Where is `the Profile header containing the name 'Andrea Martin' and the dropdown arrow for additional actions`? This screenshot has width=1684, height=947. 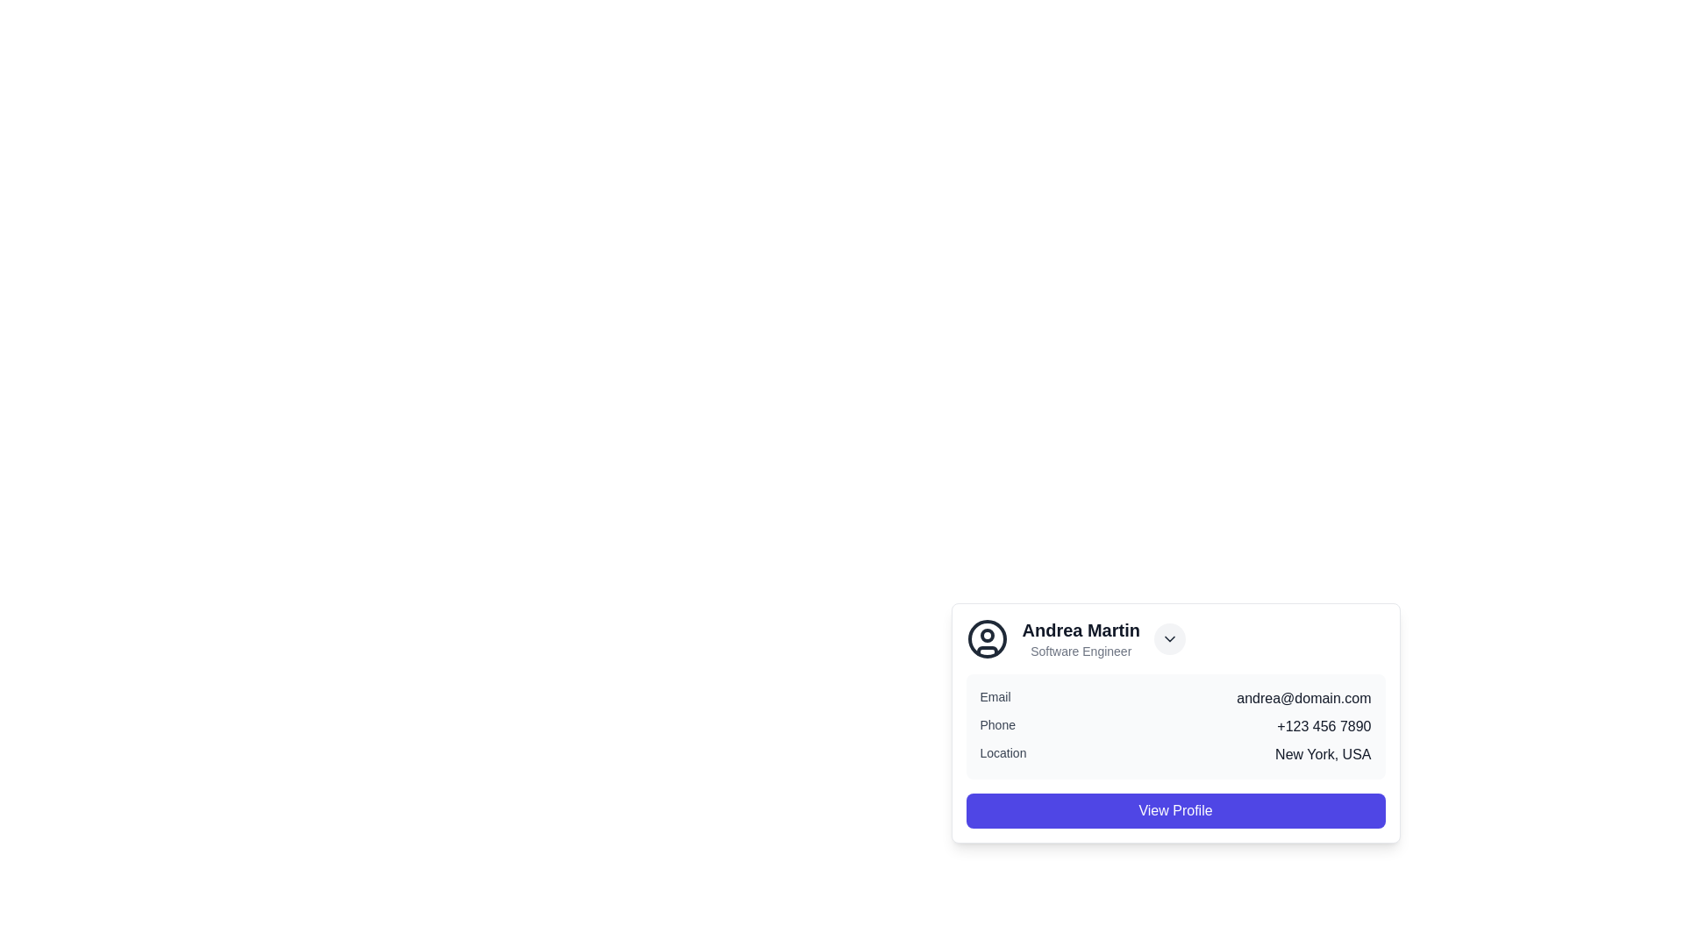
the Profile header containing the name 'Andrea Martin' and the dropdown arrow for additional actions is located at coordinates (1175, 639).